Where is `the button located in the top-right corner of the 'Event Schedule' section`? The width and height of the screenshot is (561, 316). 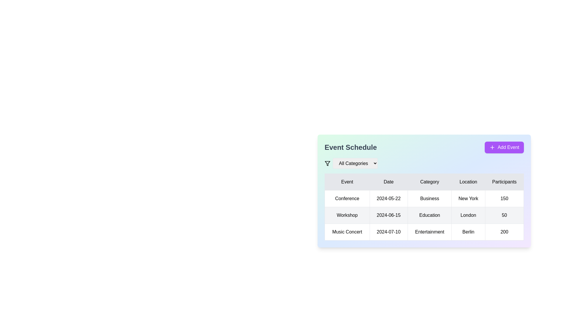
the button located in the top-right corner of the 'Event Schedule' section is located at coordinates (504, 147).